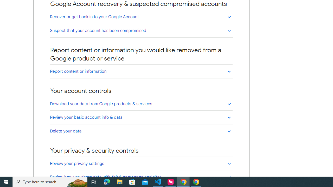  What do you see at coordinates (141, 177) in the screenshot?
I see `'Review how you share data with third-party apps and sites'` at bounding box center [141, 177].